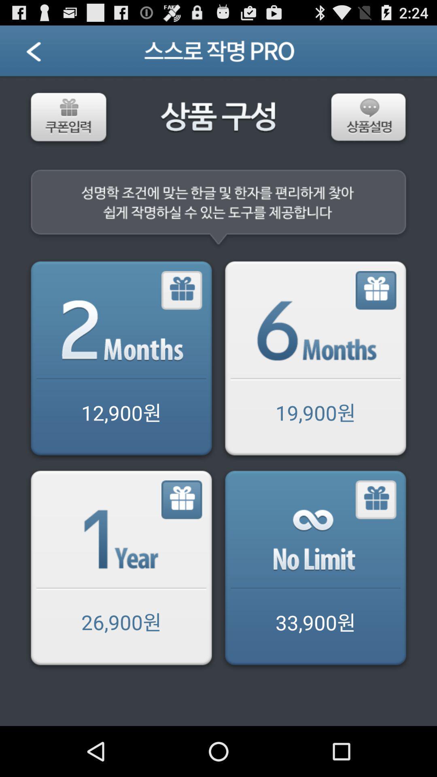  I want to click on the gift box, so click(182, 499).